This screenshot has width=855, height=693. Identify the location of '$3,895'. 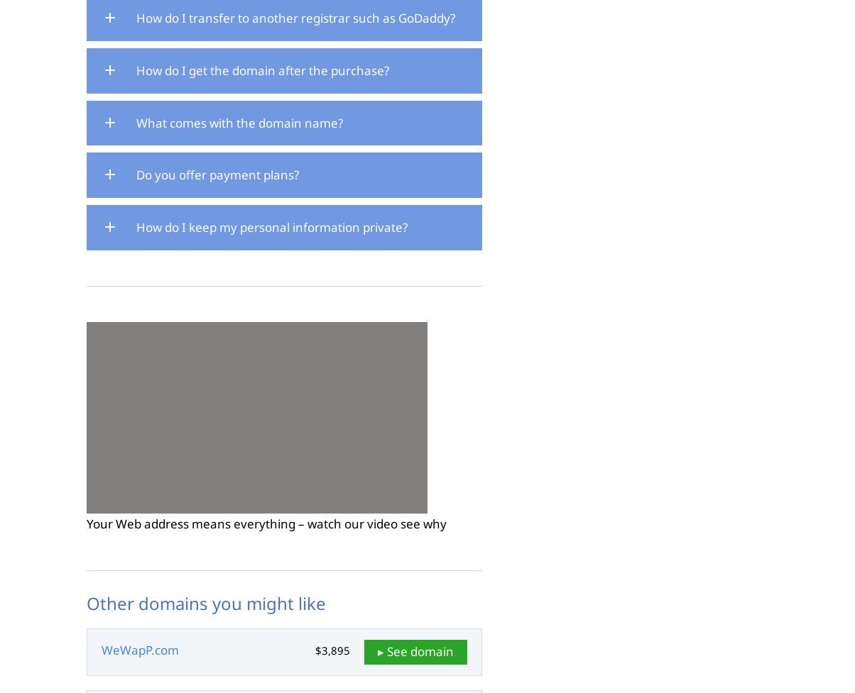
(332, 649).